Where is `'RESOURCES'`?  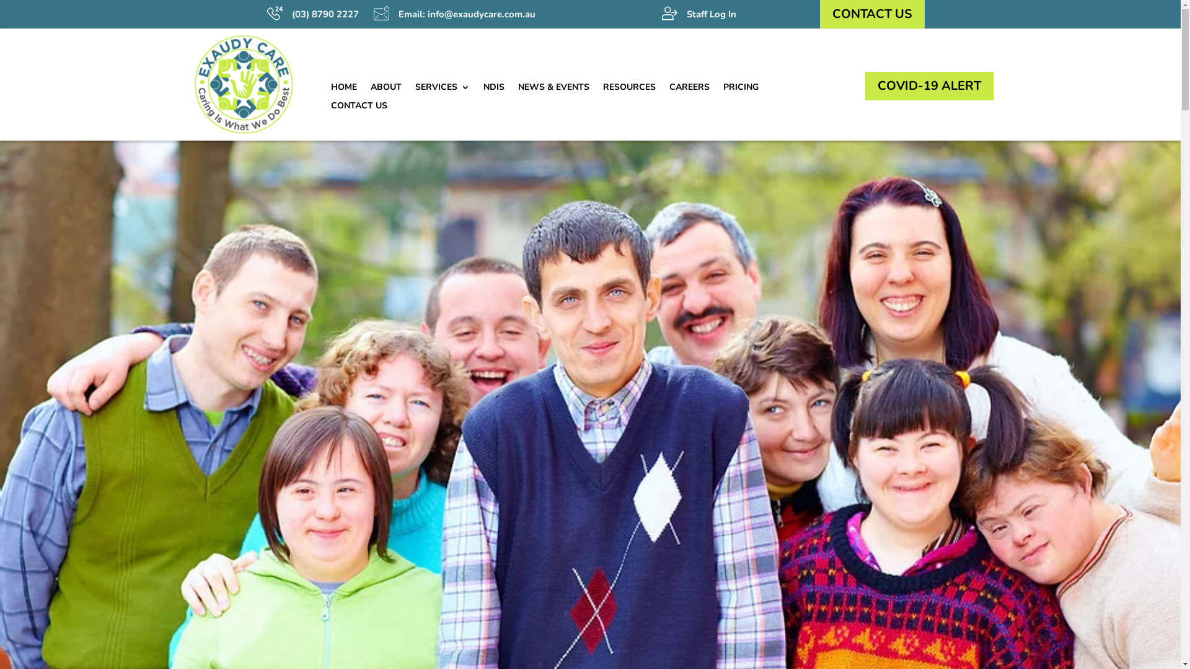
'RESOURCES' is located at coordinates (602, 89).